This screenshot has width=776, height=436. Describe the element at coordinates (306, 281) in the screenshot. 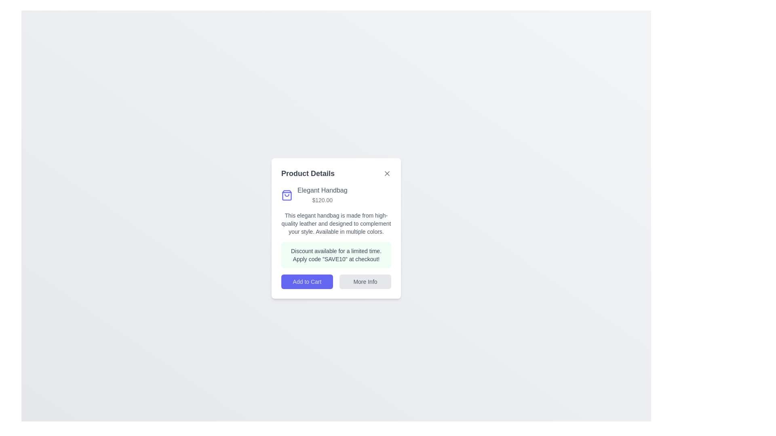

I see `the 'Add to Cart' button, which is a bright indigo rectangular button with rounded corners located at the bottom of the modal box` at that location.